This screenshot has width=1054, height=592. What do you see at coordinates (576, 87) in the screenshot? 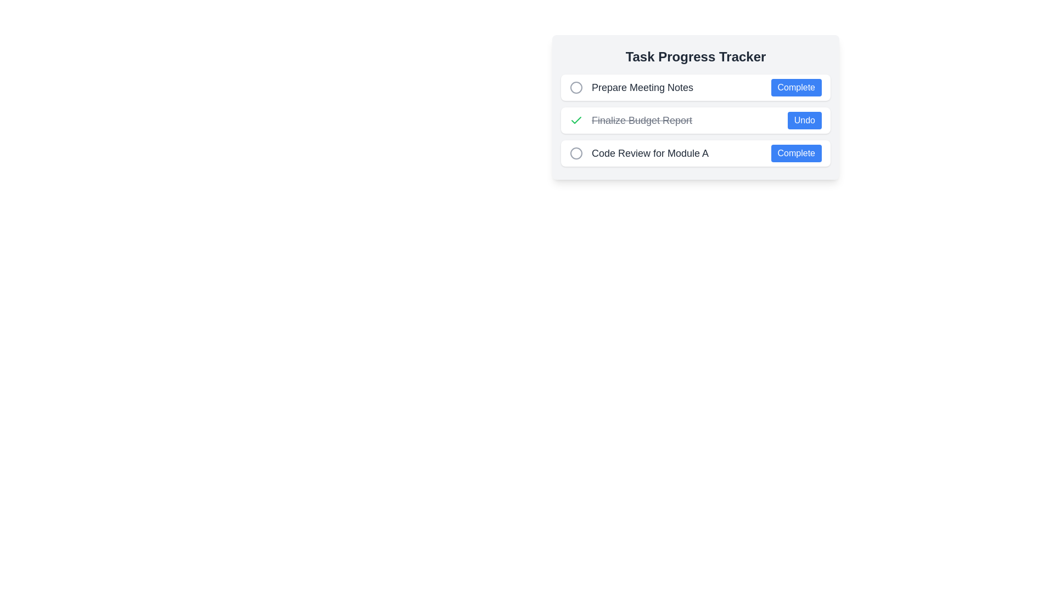
I see `the circular icon with a light gray border located at the leftmost end of the horizontal group preceding the 'Prepare Meeting Notes' text` at bounding box center [576, 87].